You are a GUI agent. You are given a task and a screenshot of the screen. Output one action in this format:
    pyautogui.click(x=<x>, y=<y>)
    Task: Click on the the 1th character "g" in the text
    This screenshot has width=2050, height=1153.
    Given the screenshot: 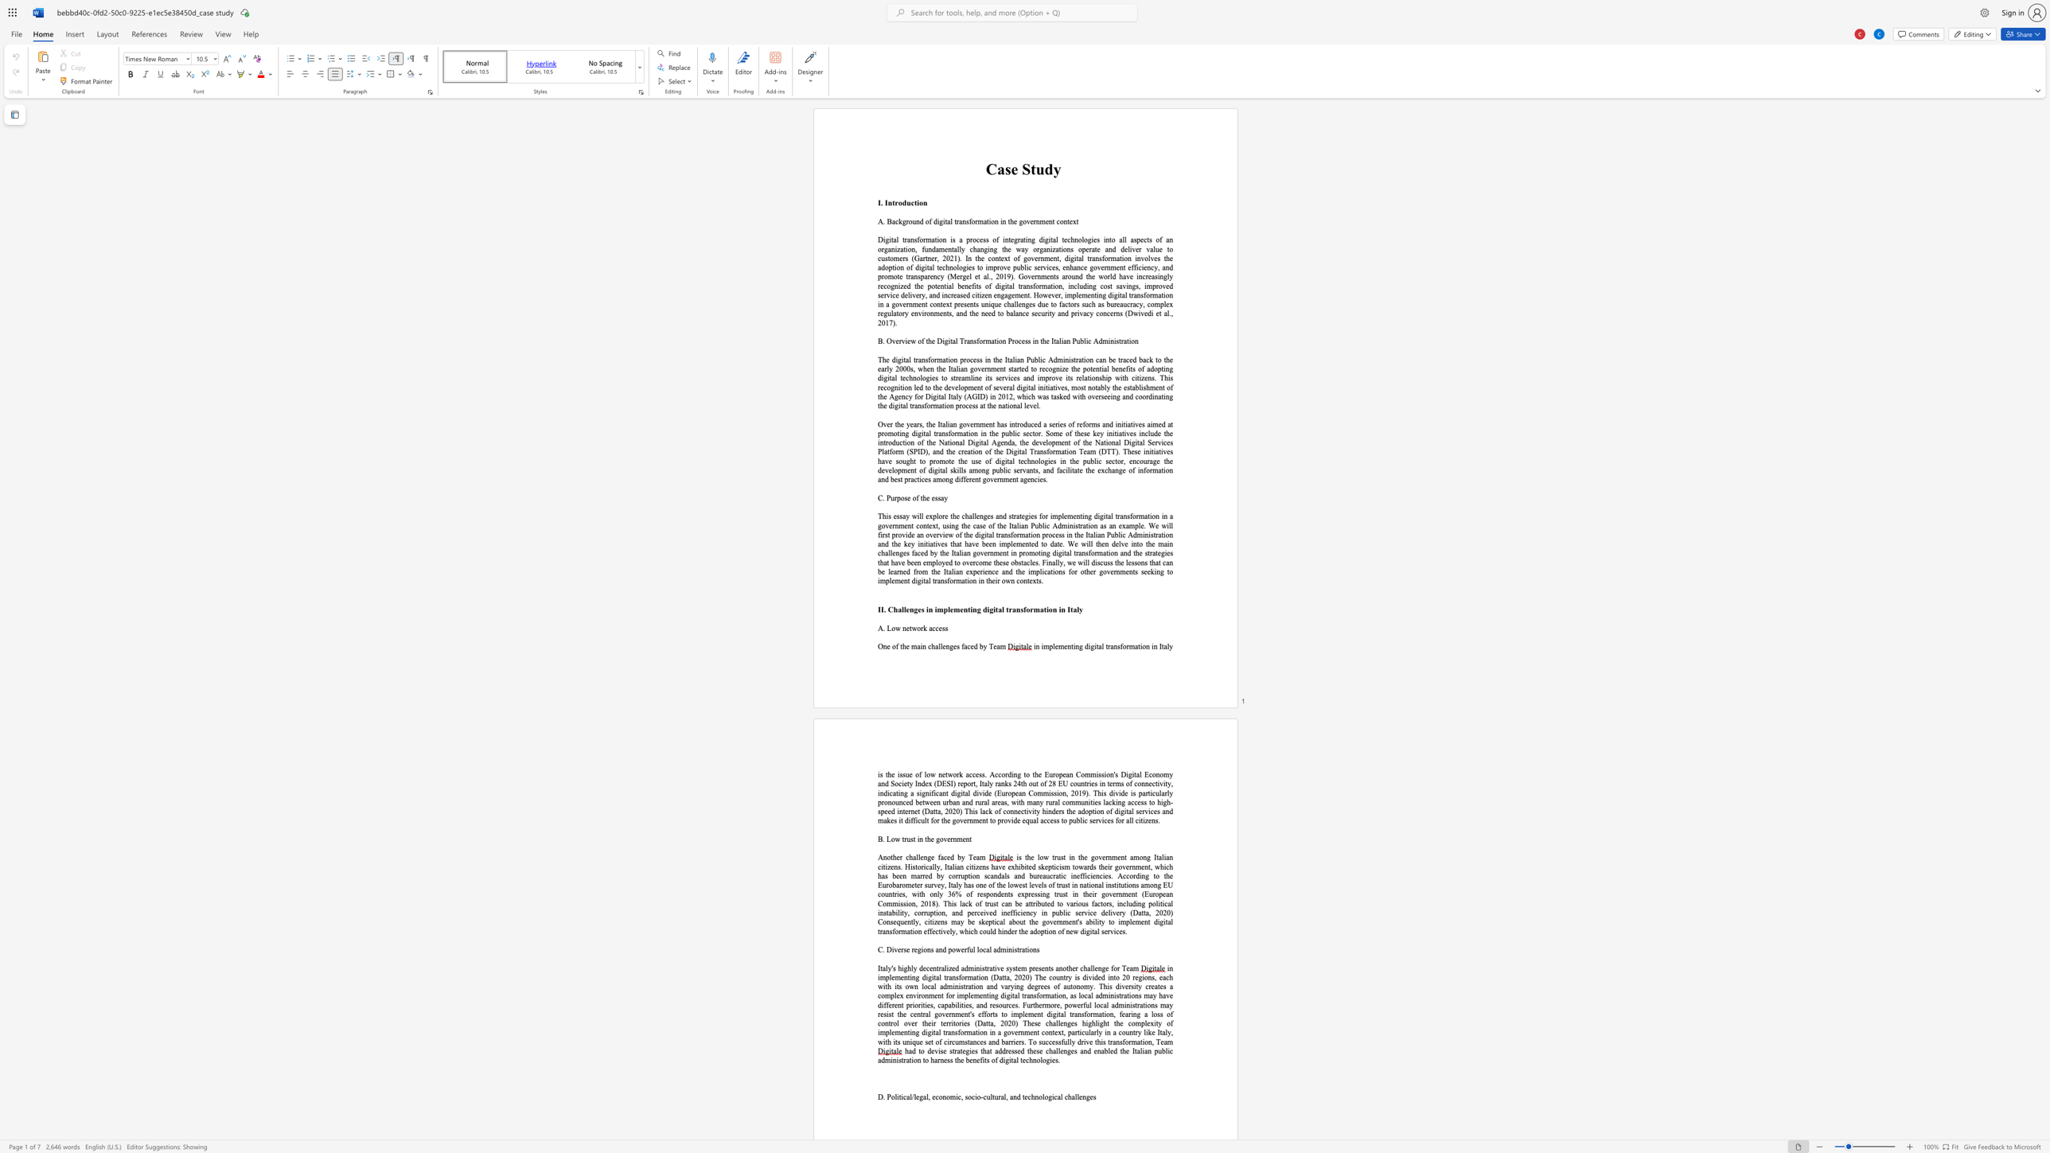 What is the action you would take?
    pyautogui.click(x=914, y=609)
    